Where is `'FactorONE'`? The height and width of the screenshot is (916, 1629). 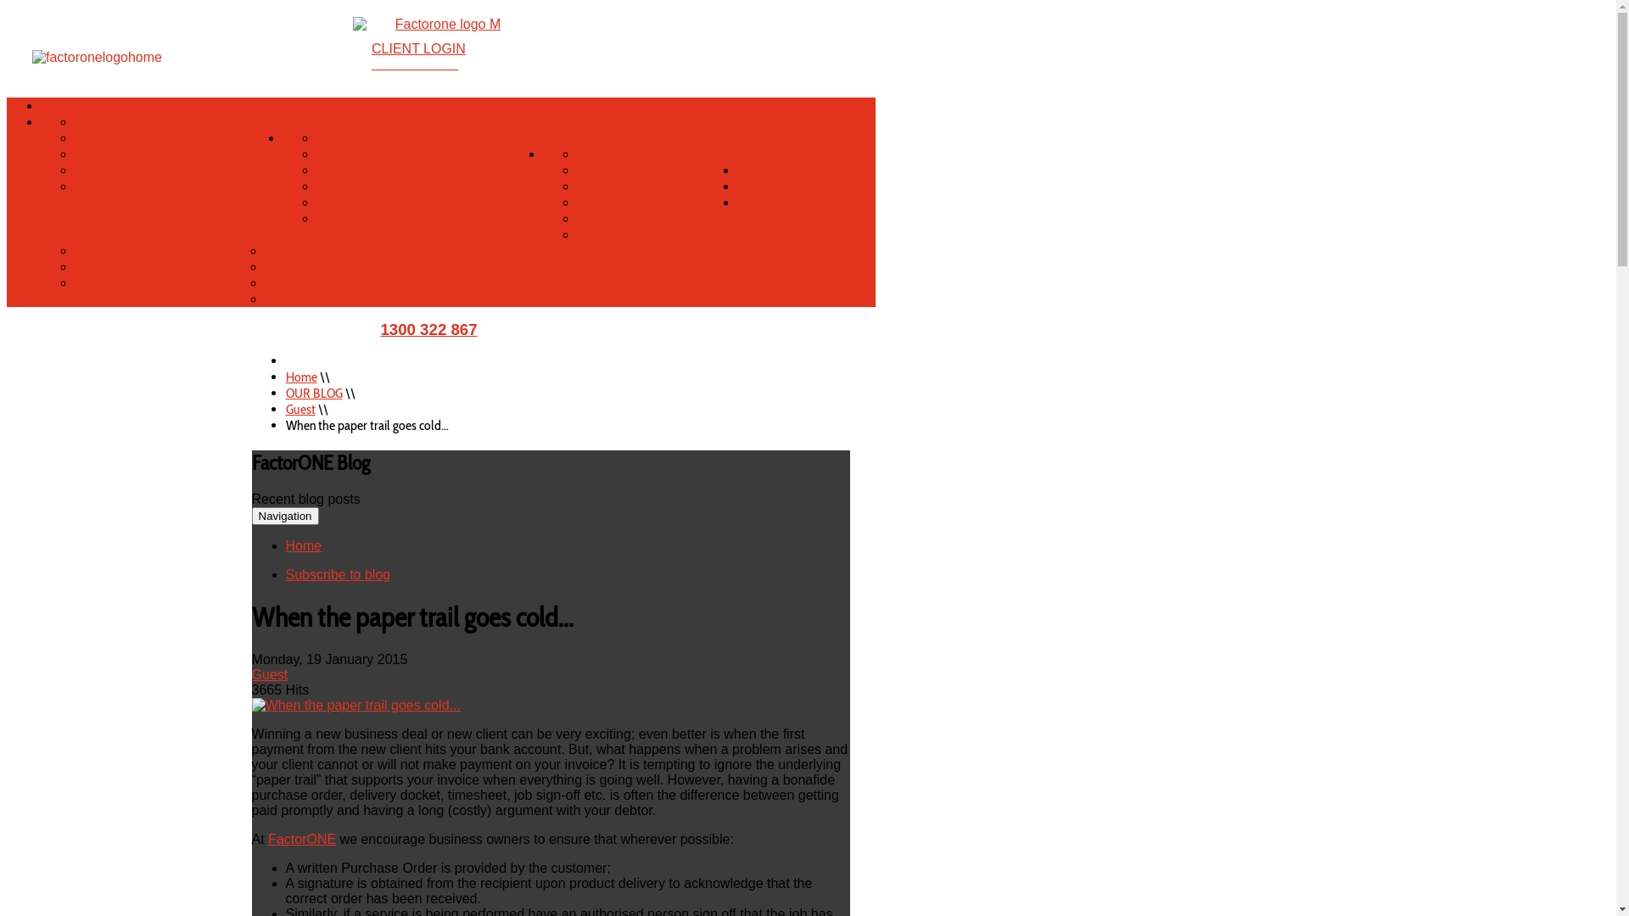 'FactorONE' is located at coordinates (301, 838).